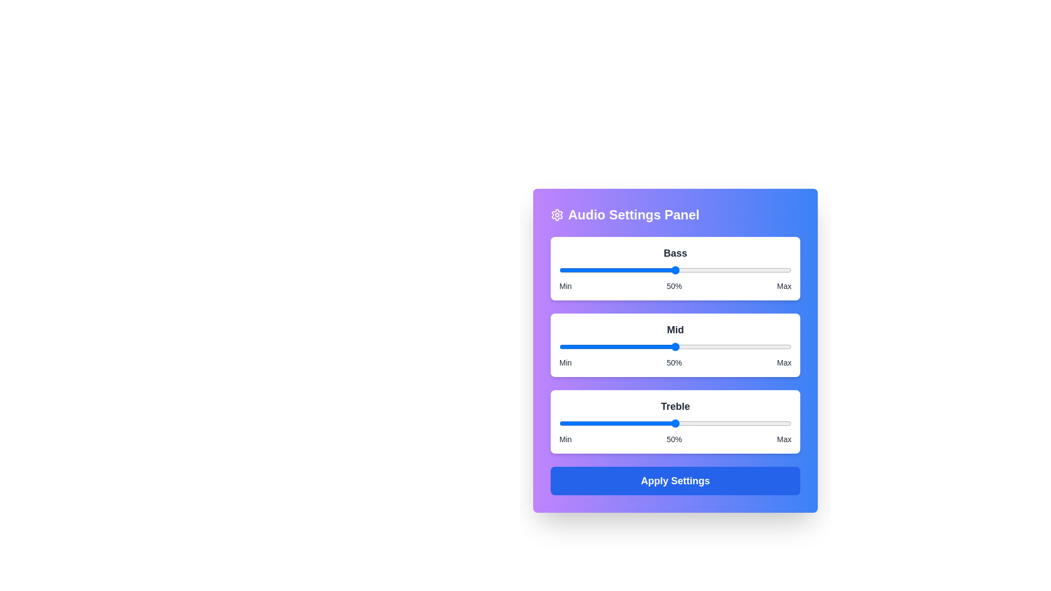 The image size is (1051, 591). What do you see at coordinates (564, 270) in the screenshot?
I see `the bass level` at bounding box center [564, 270].